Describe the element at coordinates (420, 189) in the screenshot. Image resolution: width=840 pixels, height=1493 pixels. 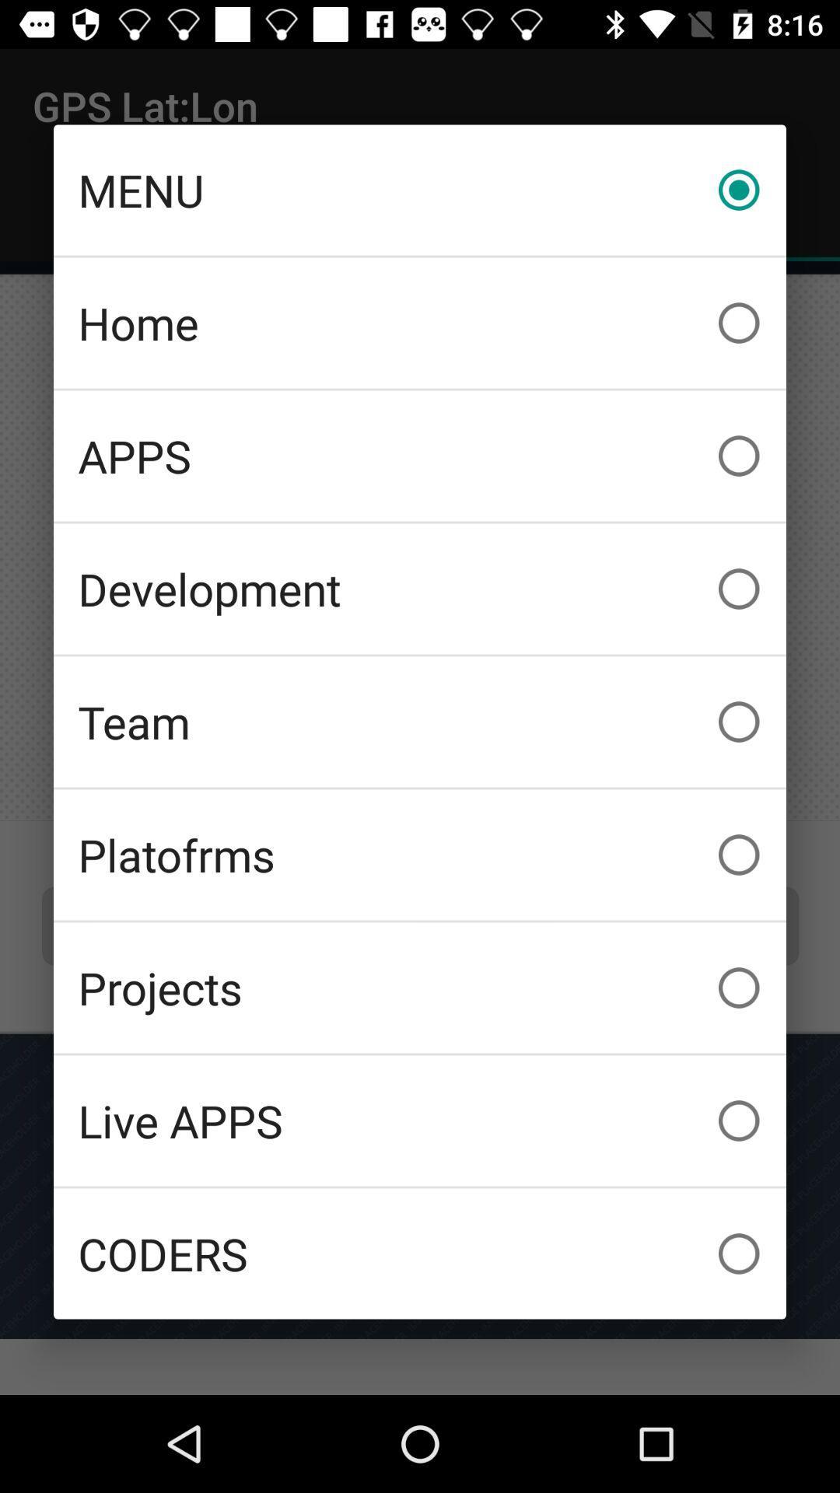
I see `the menu item` at that location.